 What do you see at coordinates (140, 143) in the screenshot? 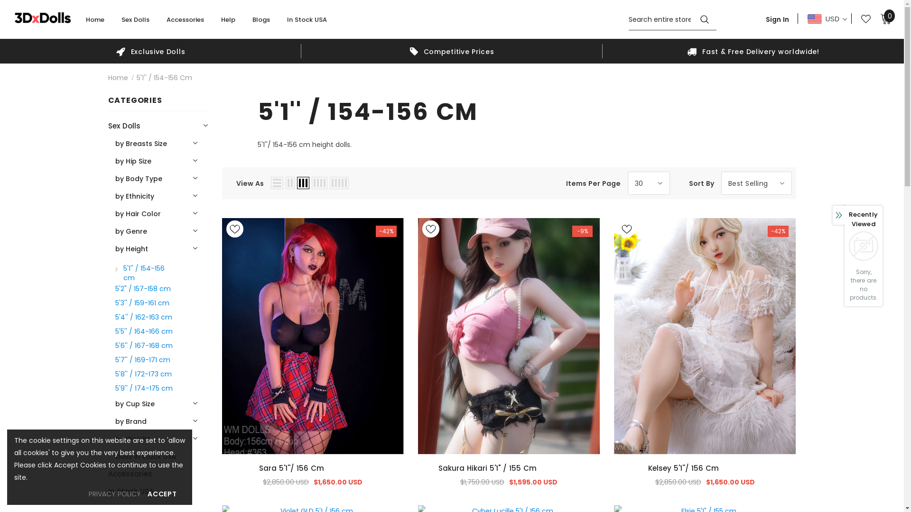
I see `'by Breasts Size'` at bounding box center [140, 143].